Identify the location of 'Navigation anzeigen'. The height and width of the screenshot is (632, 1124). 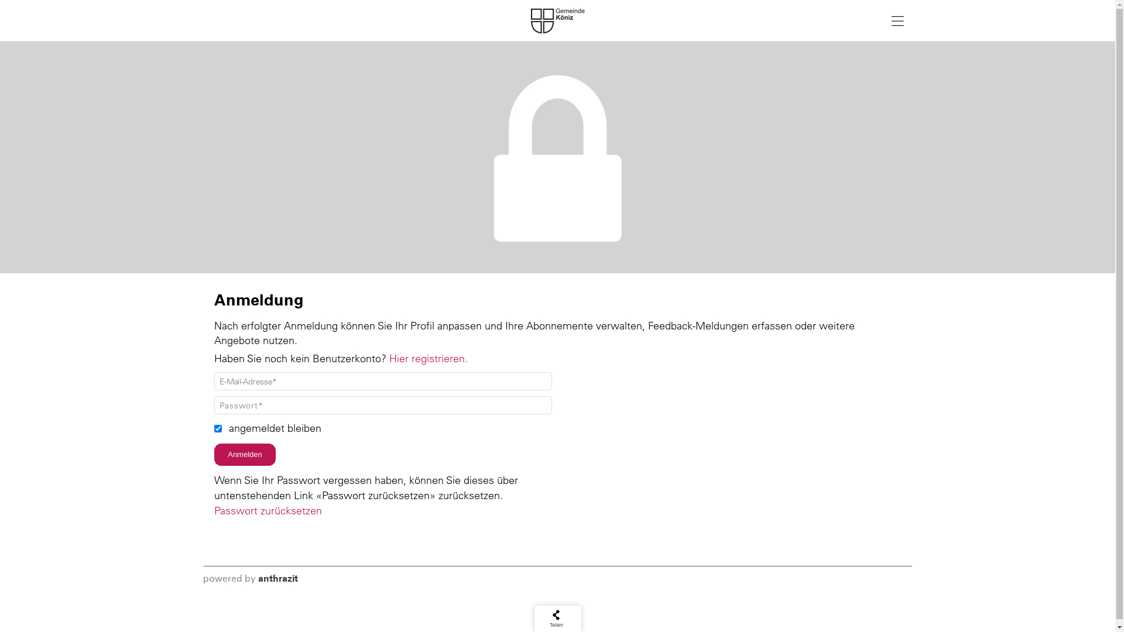
(897, 19).